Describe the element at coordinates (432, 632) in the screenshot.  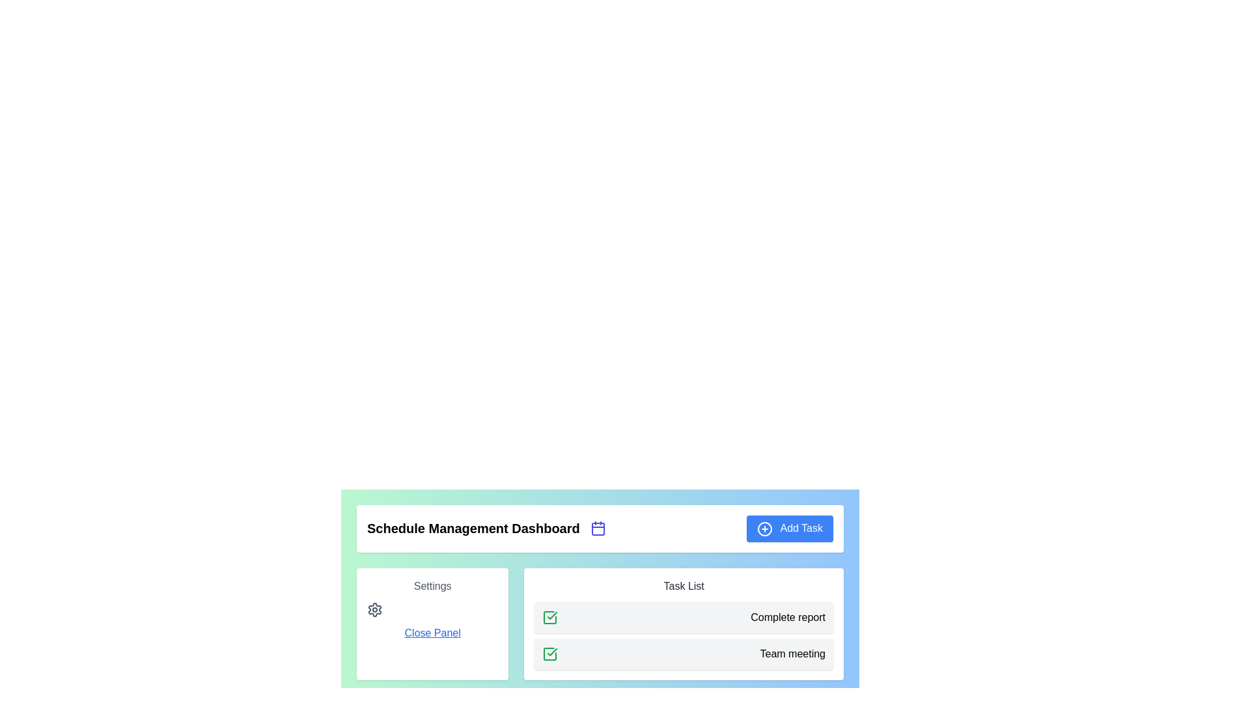
I see `the 'close' Text link in the 'Settings' section` at that location.